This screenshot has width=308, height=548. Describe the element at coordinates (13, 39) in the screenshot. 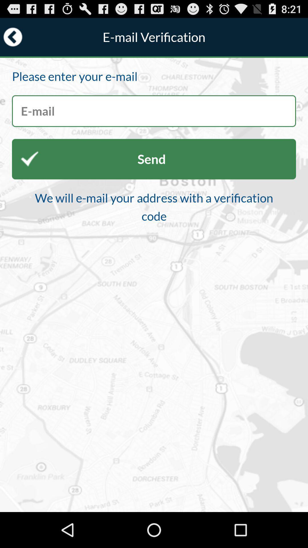

I see `the arrow_backward icon` at that location.